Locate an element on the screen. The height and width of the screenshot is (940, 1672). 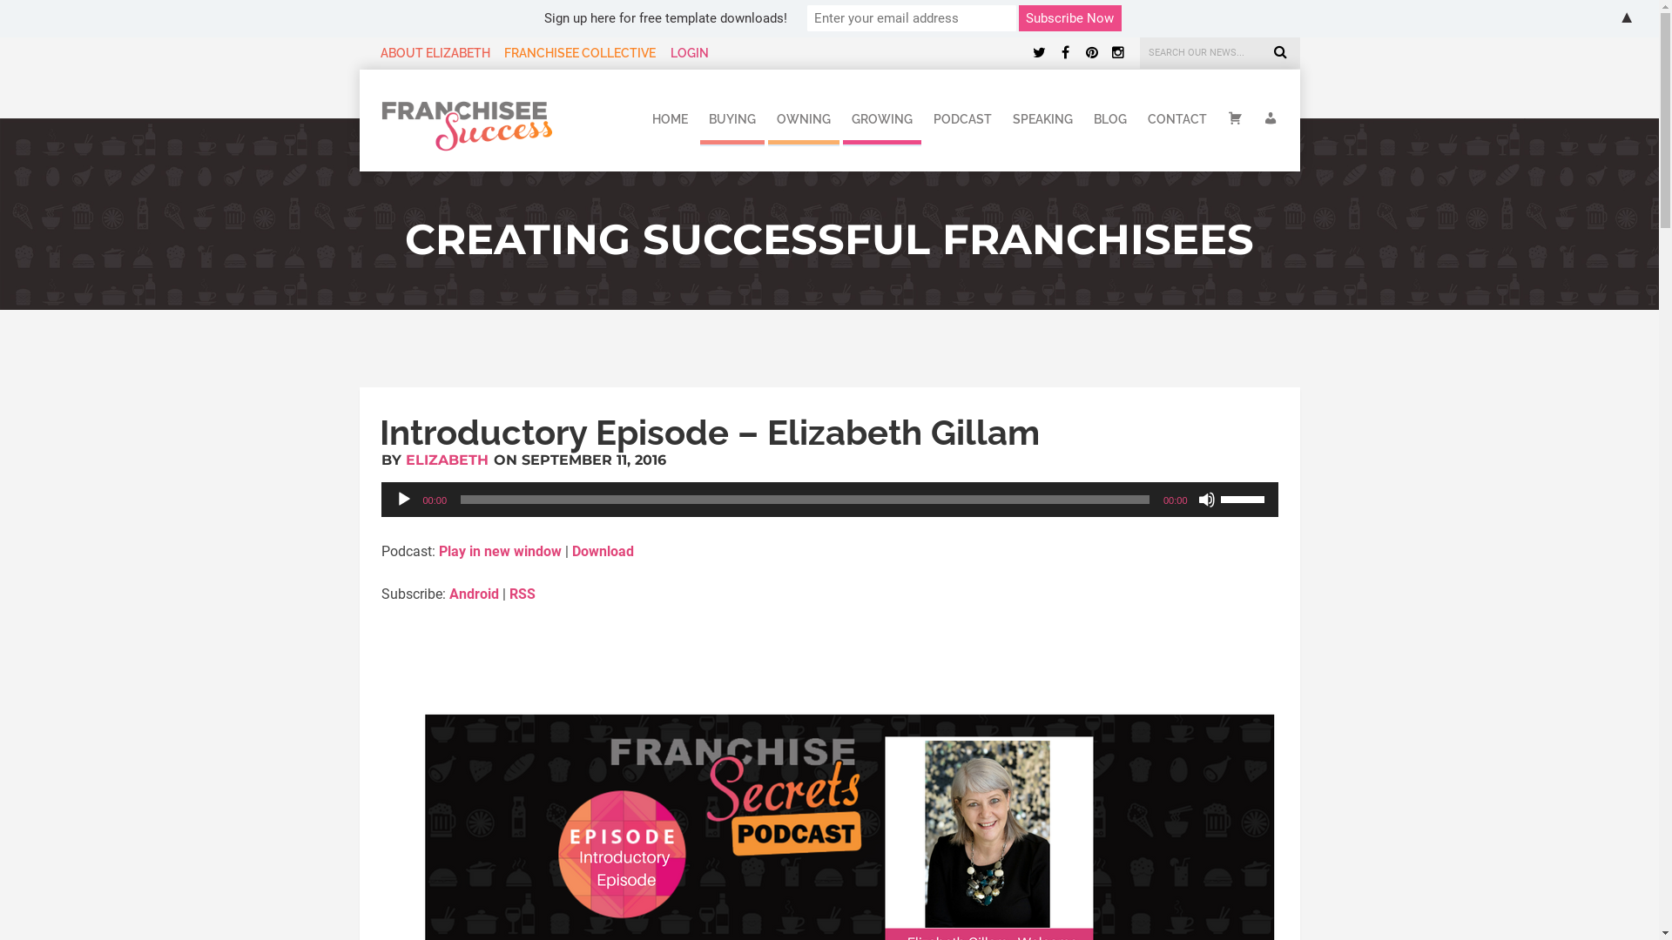
'Subscribe Now' is located at coordinates (1069, 17).